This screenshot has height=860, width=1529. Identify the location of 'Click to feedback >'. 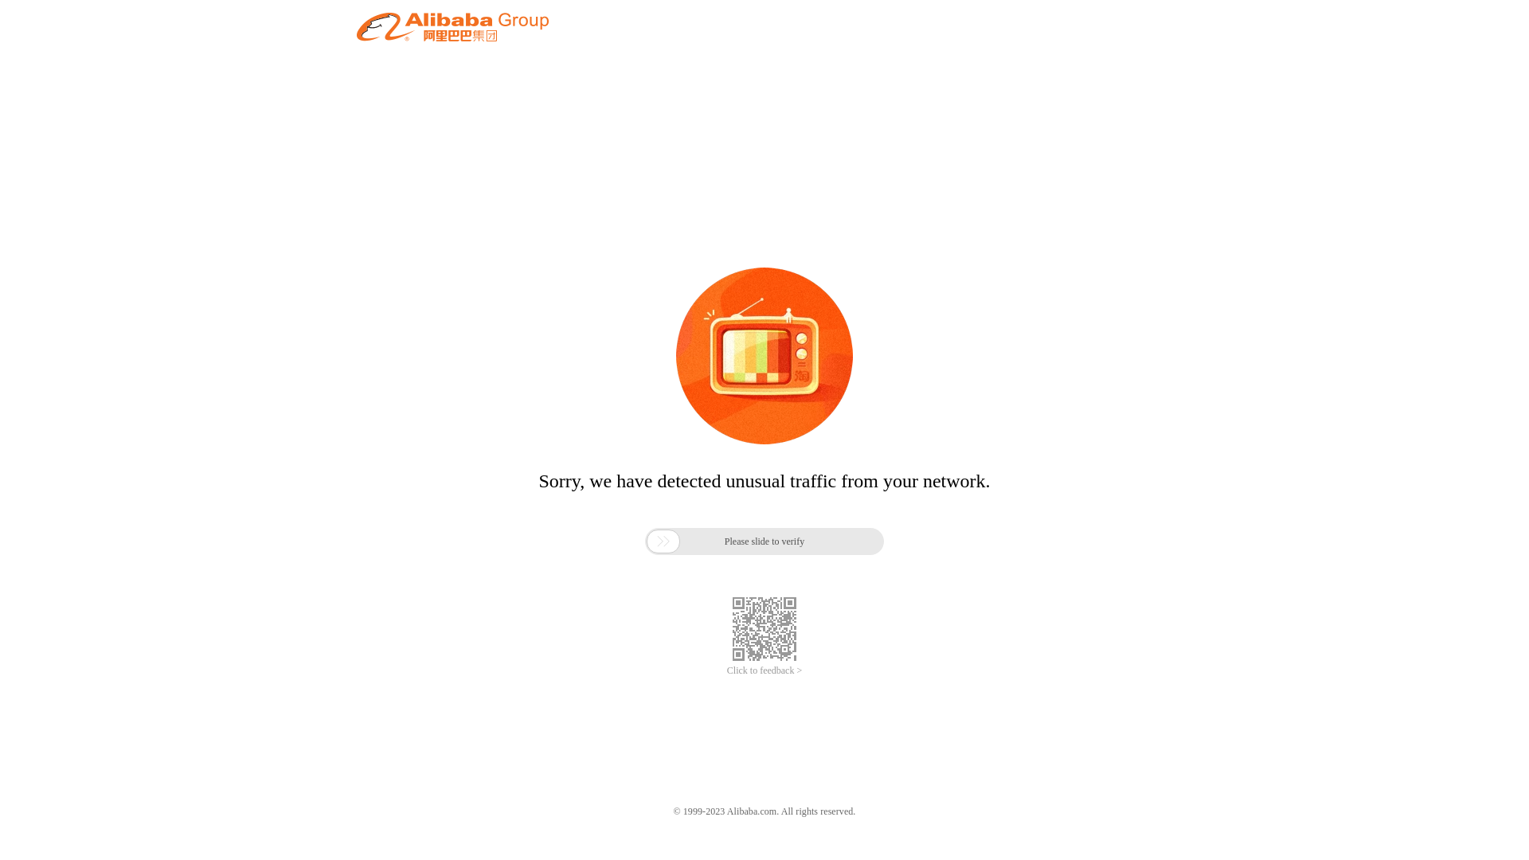
(764, 670).